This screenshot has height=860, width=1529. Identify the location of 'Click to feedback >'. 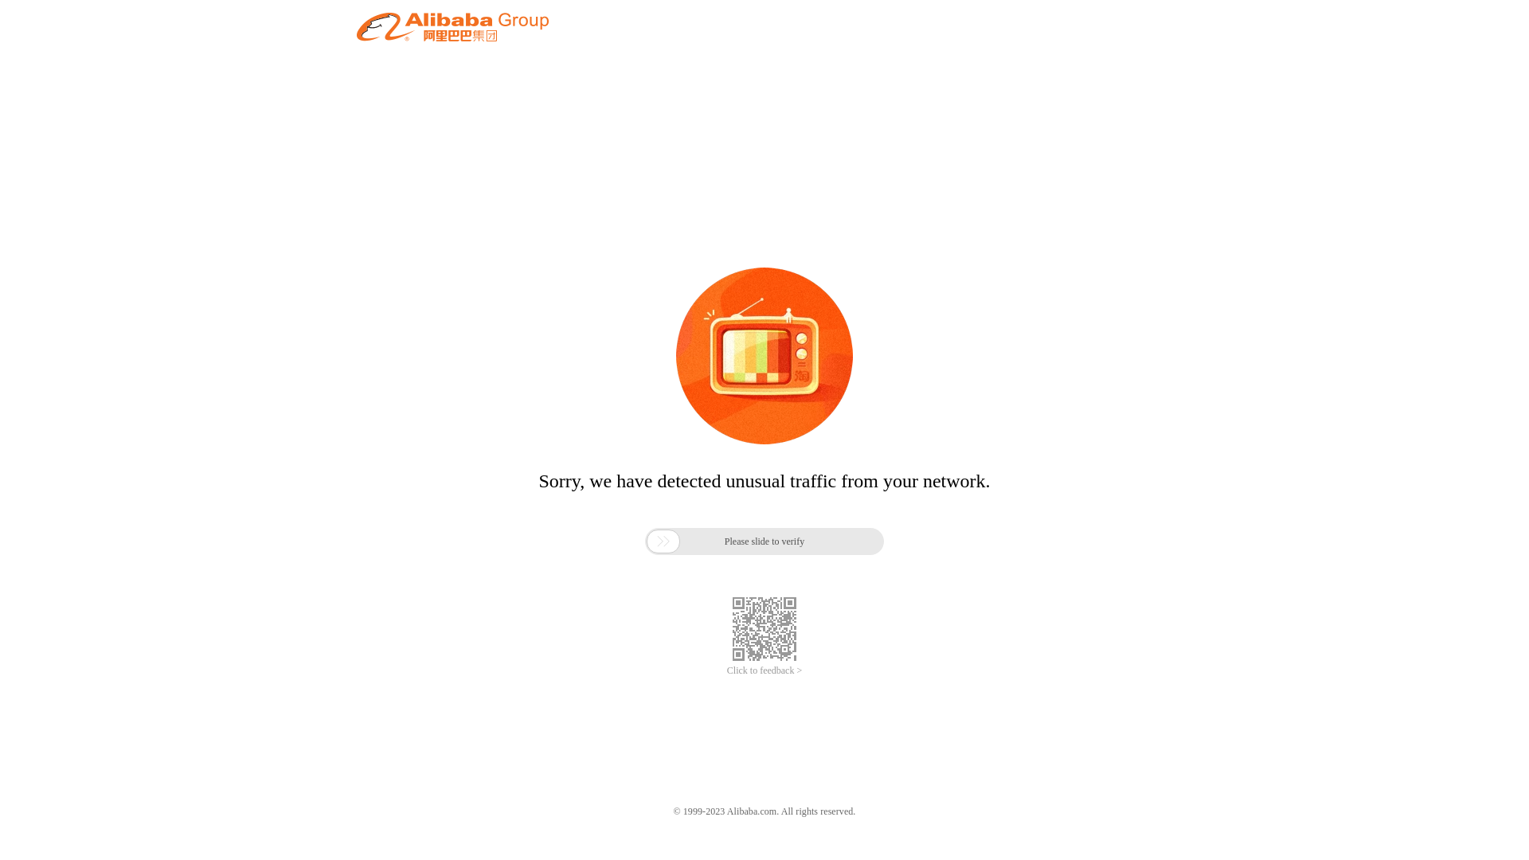
(764, 670).